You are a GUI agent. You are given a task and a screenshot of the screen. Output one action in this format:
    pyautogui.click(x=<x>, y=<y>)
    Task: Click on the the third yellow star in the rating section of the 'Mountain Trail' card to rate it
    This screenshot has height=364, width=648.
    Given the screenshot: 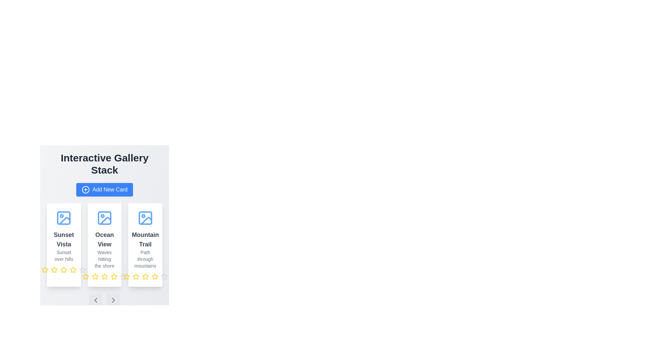 What is the action you would take?
    pyautogui.click(x=145, y=277)
    